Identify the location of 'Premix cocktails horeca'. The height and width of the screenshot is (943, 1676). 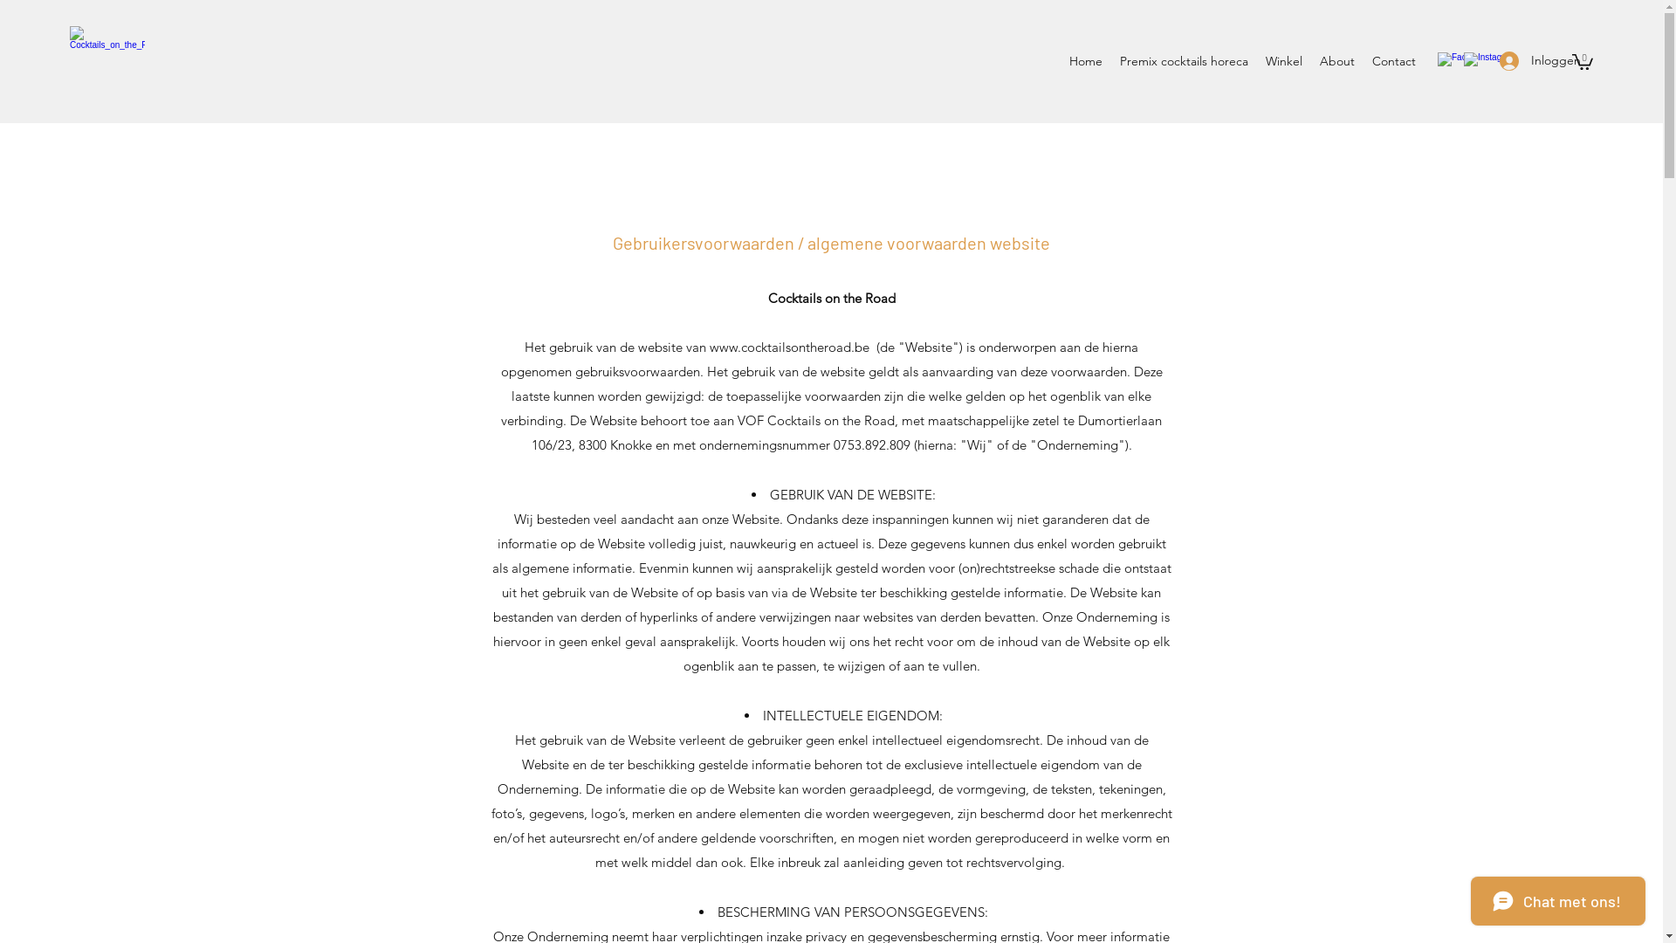
(1184, 59).